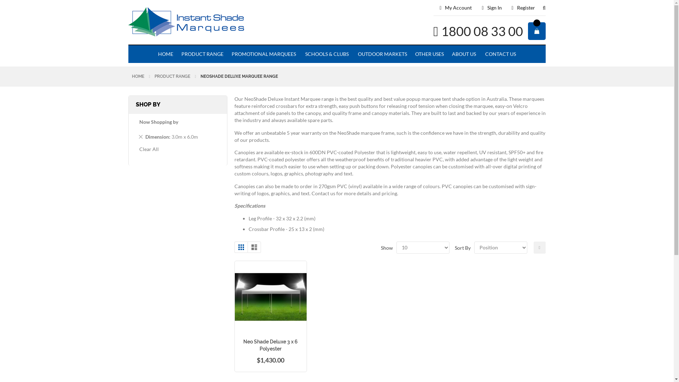 This screenshot has width=679, height=382. Describe the element at coordinates (211, 22) in the screenshot. I see `'Instant Shade Marquees'` at that location.